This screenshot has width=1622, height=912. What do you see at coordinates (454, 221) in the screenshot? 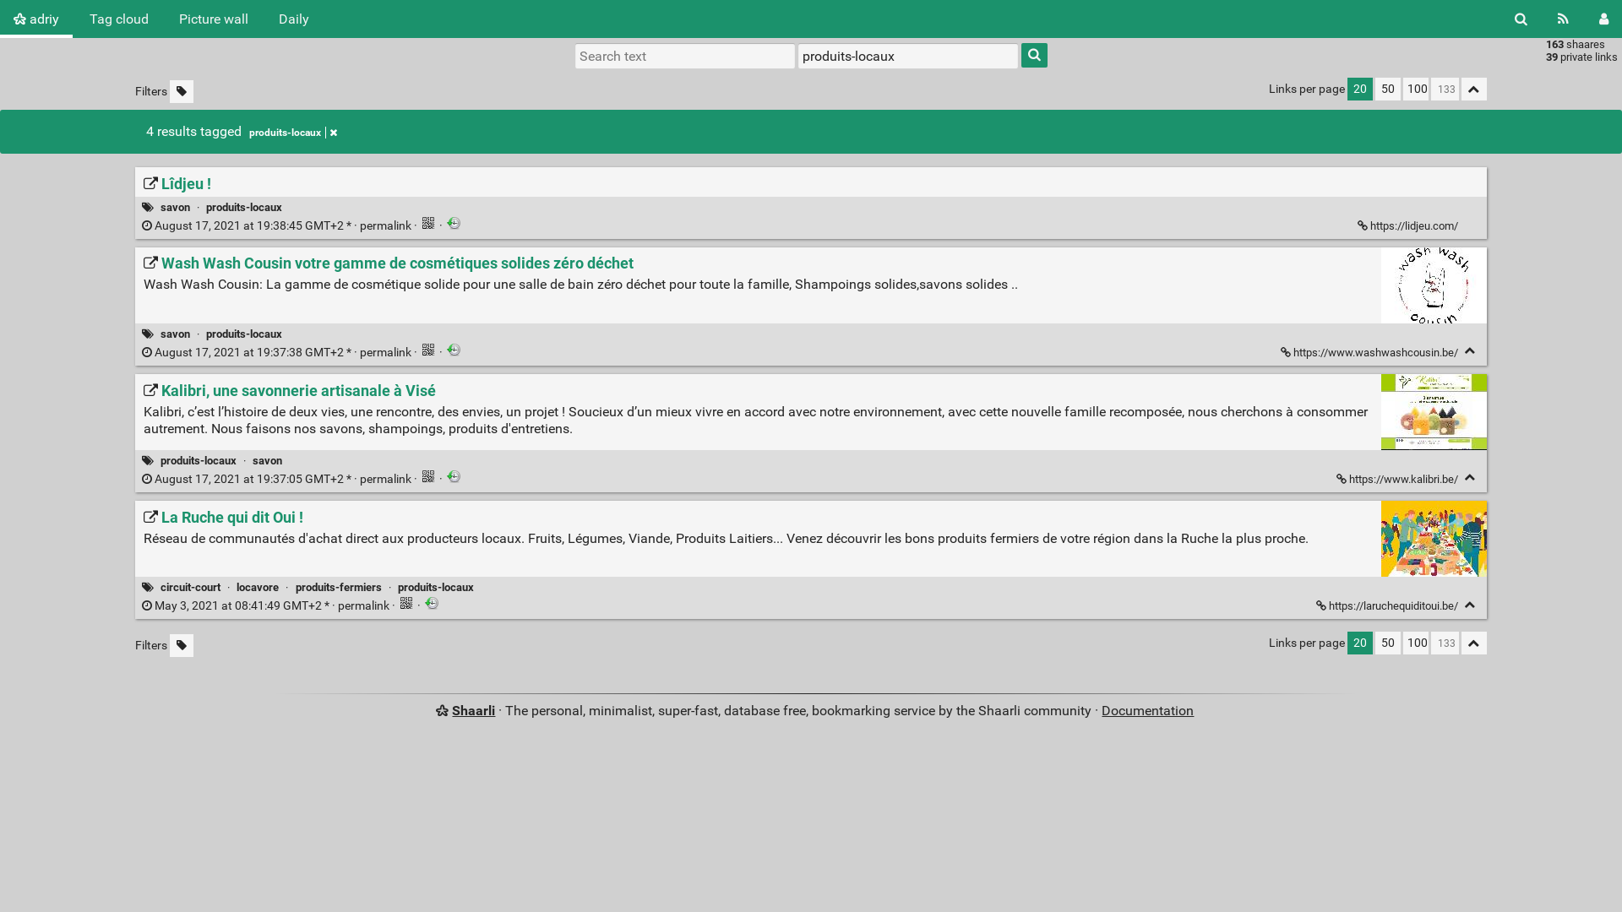
I see `'View on archive.org'` at bounding box center [454, 221].